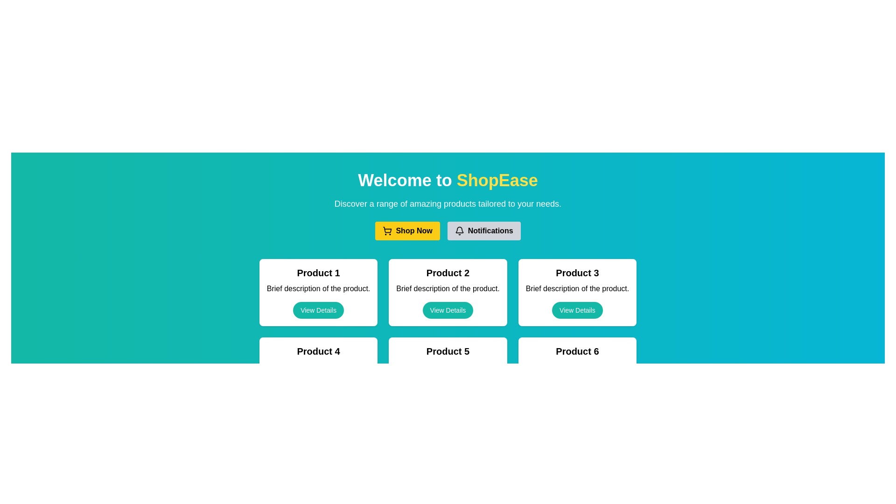  What do you see at coordinates (459, 231) in the screenshot?
I see `the 'Notifications' button which contains the bell-shaped icon` at bounding box center [459, 231].